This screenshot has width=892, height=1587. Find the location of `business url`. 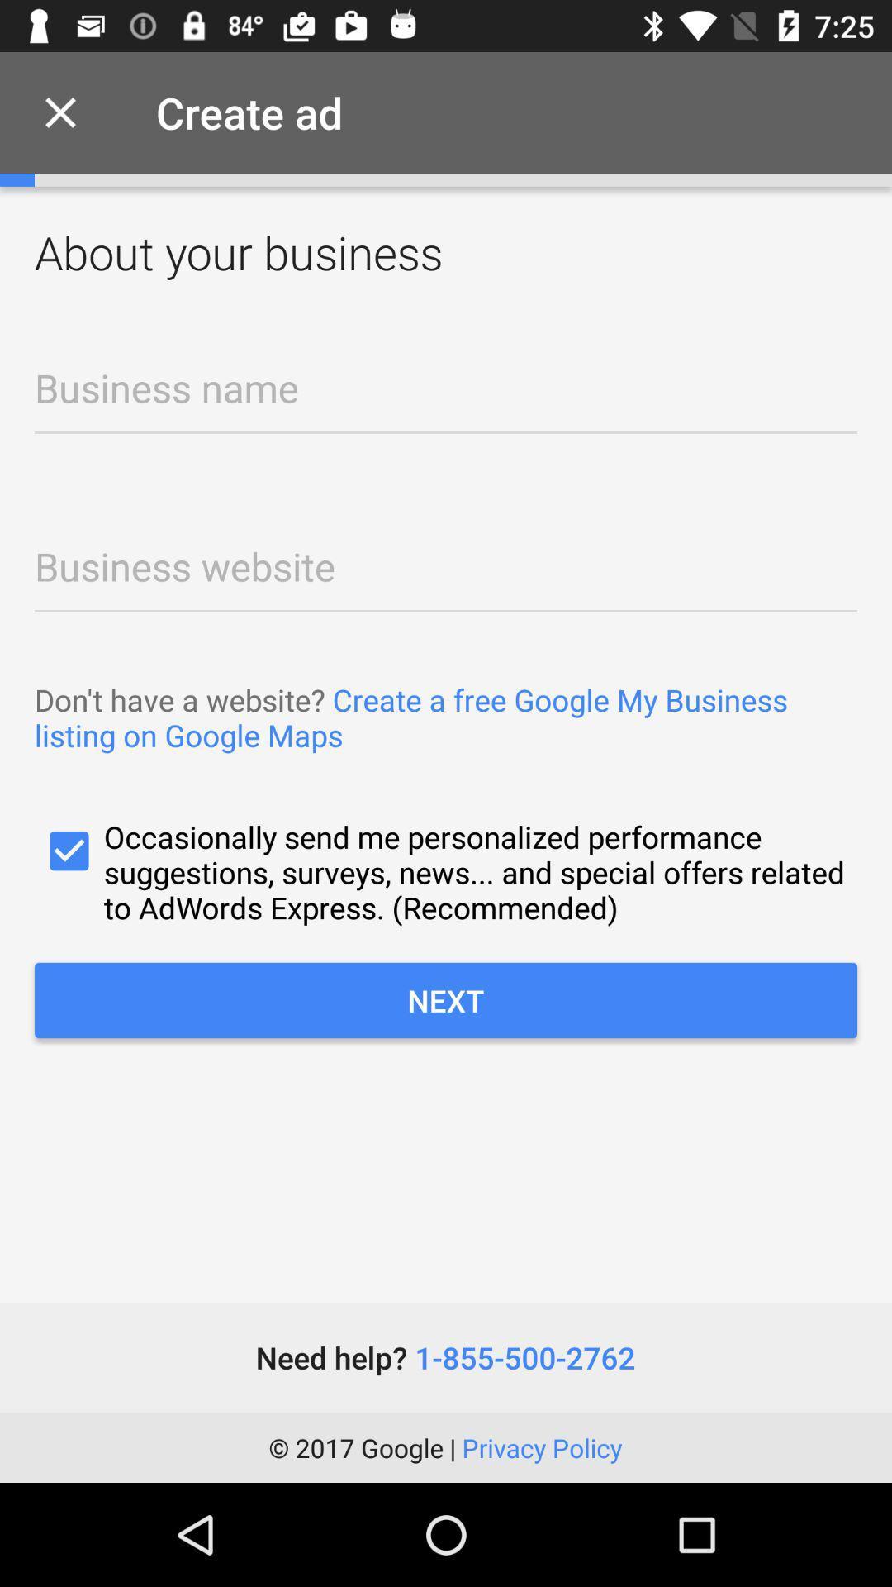

business url is located at coordinates (446, 561).